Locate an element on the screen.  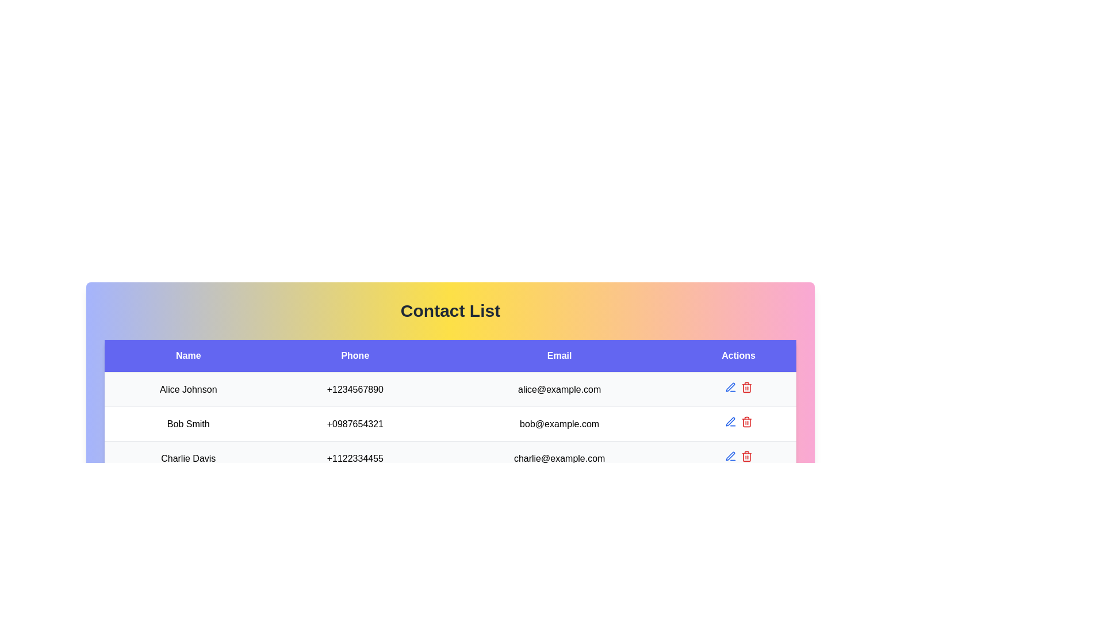
the phone number text '+0987654321' located in the 'Phone' column of Bob Smith's information in the second row of the table is located at coordinates (354, 424).